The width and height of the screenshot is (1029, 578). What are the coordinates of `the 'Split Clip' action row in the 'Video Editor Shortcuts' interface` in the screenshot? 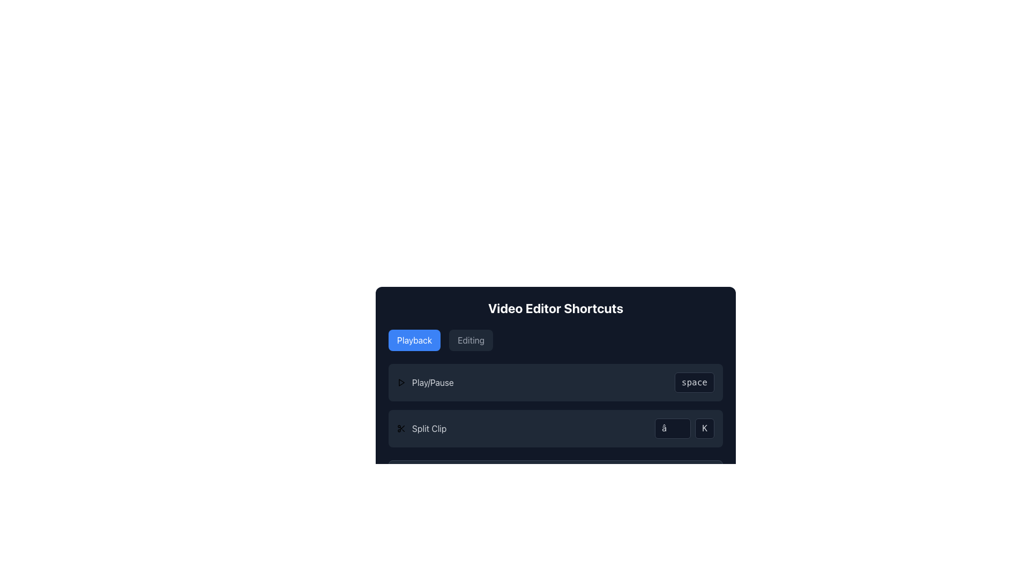 It's located at (555, 428).